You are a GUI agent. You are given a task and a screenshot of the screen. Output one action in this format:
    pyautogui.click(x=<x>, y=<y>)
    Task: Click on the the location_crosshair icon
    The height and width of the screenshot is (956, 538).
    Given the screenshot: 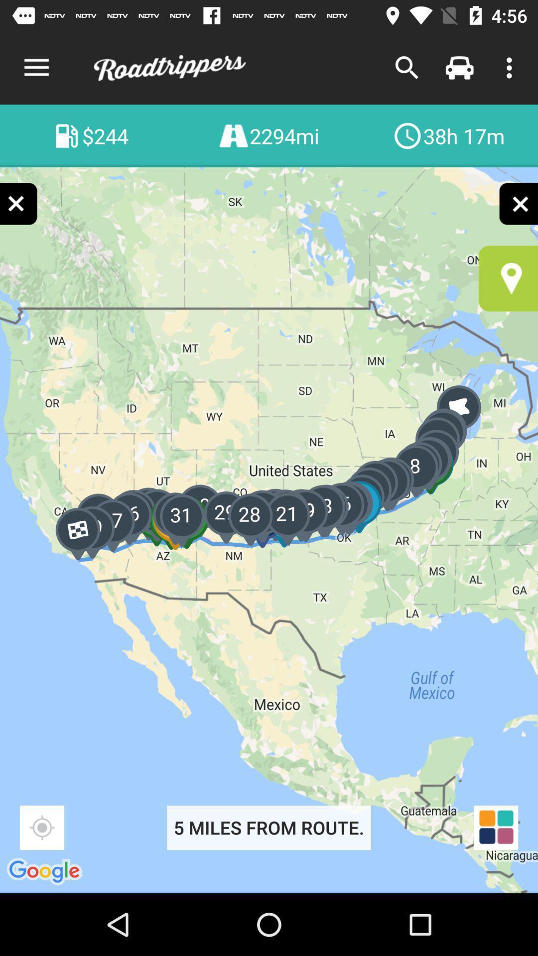 What is the action you would take?
    pyautogui.click(x=41, y=828)
    